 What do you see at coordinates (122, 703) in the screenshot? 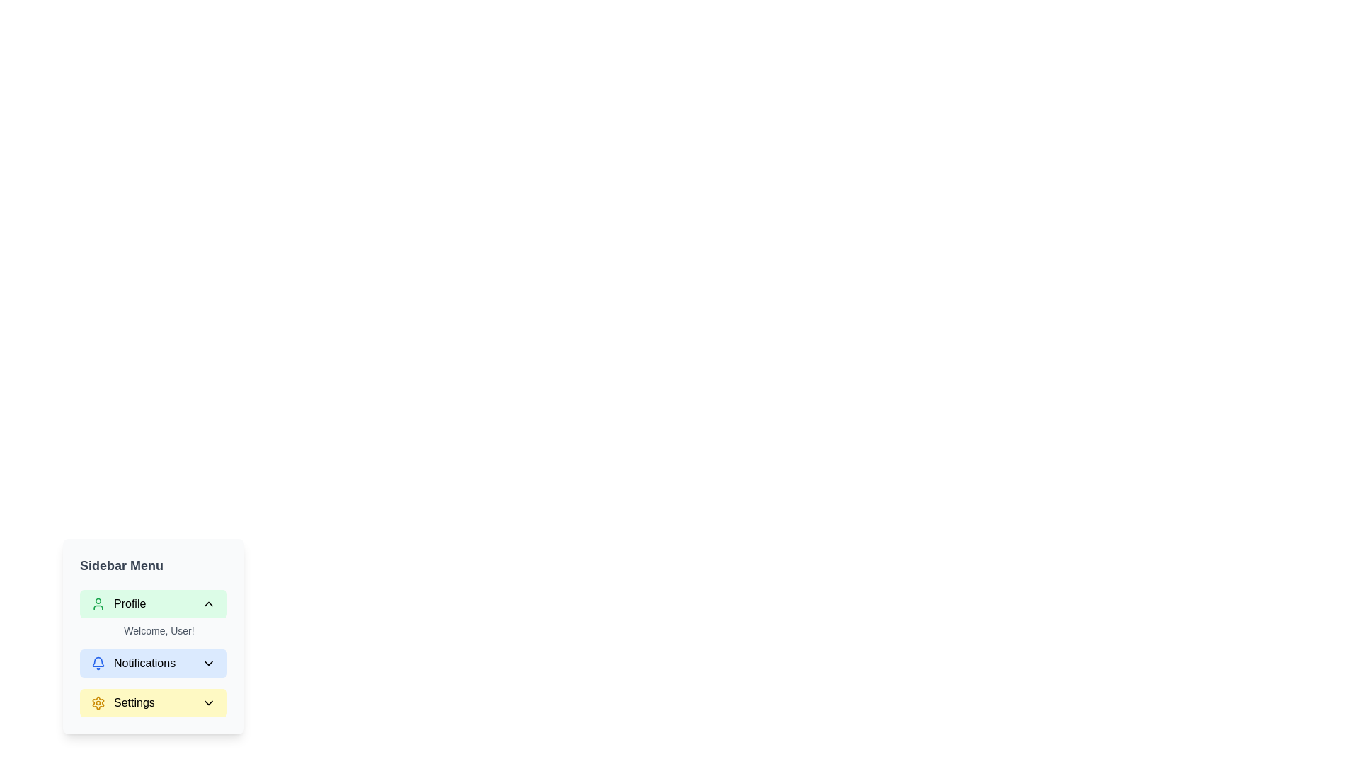
I see `on the 'Settings' label with gear icon in the sidebar menu` at bounding box center [122, 703].